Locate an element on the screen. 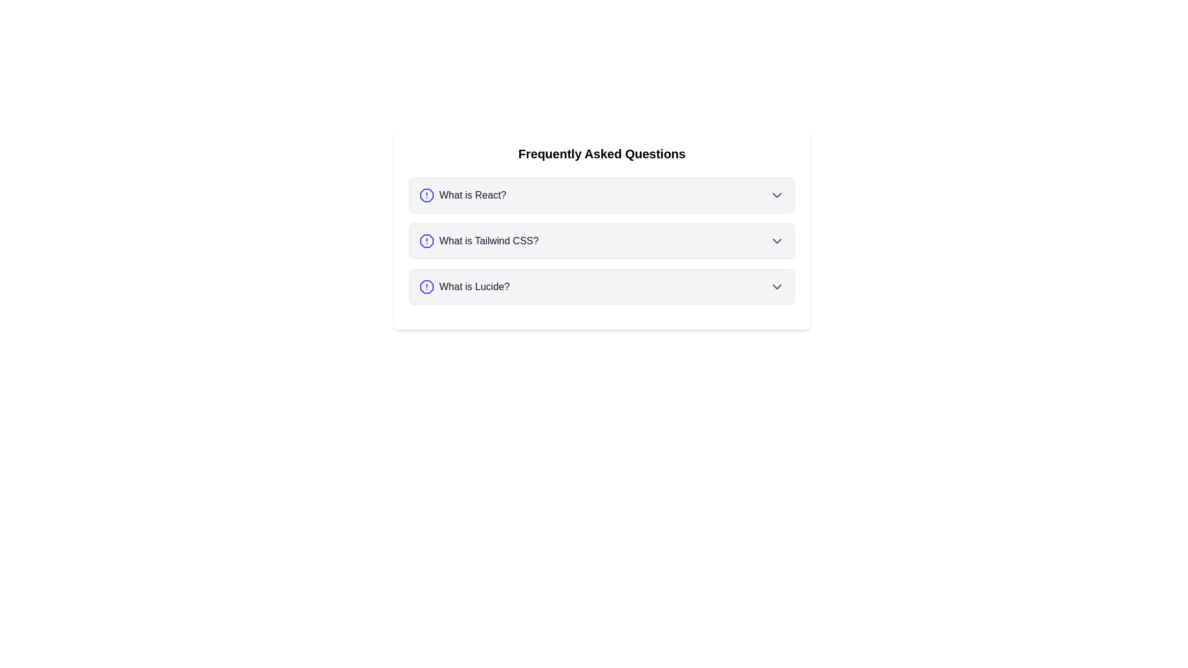  the indigo-stroke octagonal icon located to the left of the text 'What is Lucide?' in the FAQ section is located at coordinates (427, 286).